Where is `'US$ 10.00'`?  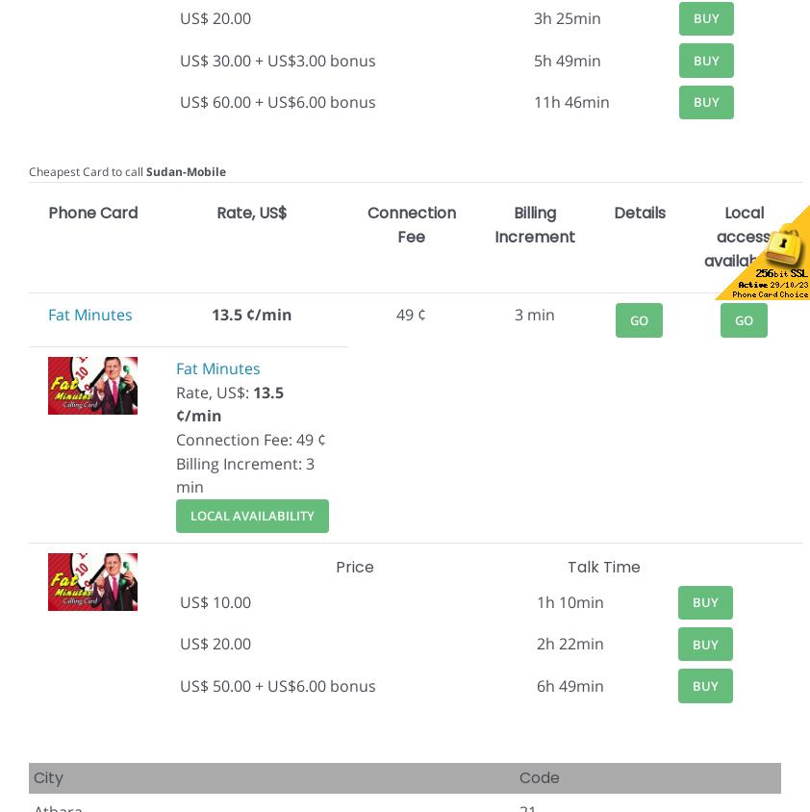
'US$ 10.00' is located at coordinates (215, 601).